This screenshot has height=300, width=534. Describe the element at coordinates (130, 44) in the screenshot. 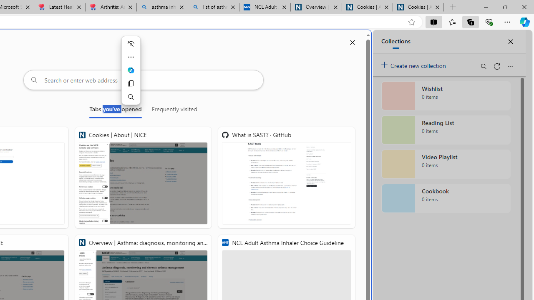

I see `'Hide menu'` at that location.